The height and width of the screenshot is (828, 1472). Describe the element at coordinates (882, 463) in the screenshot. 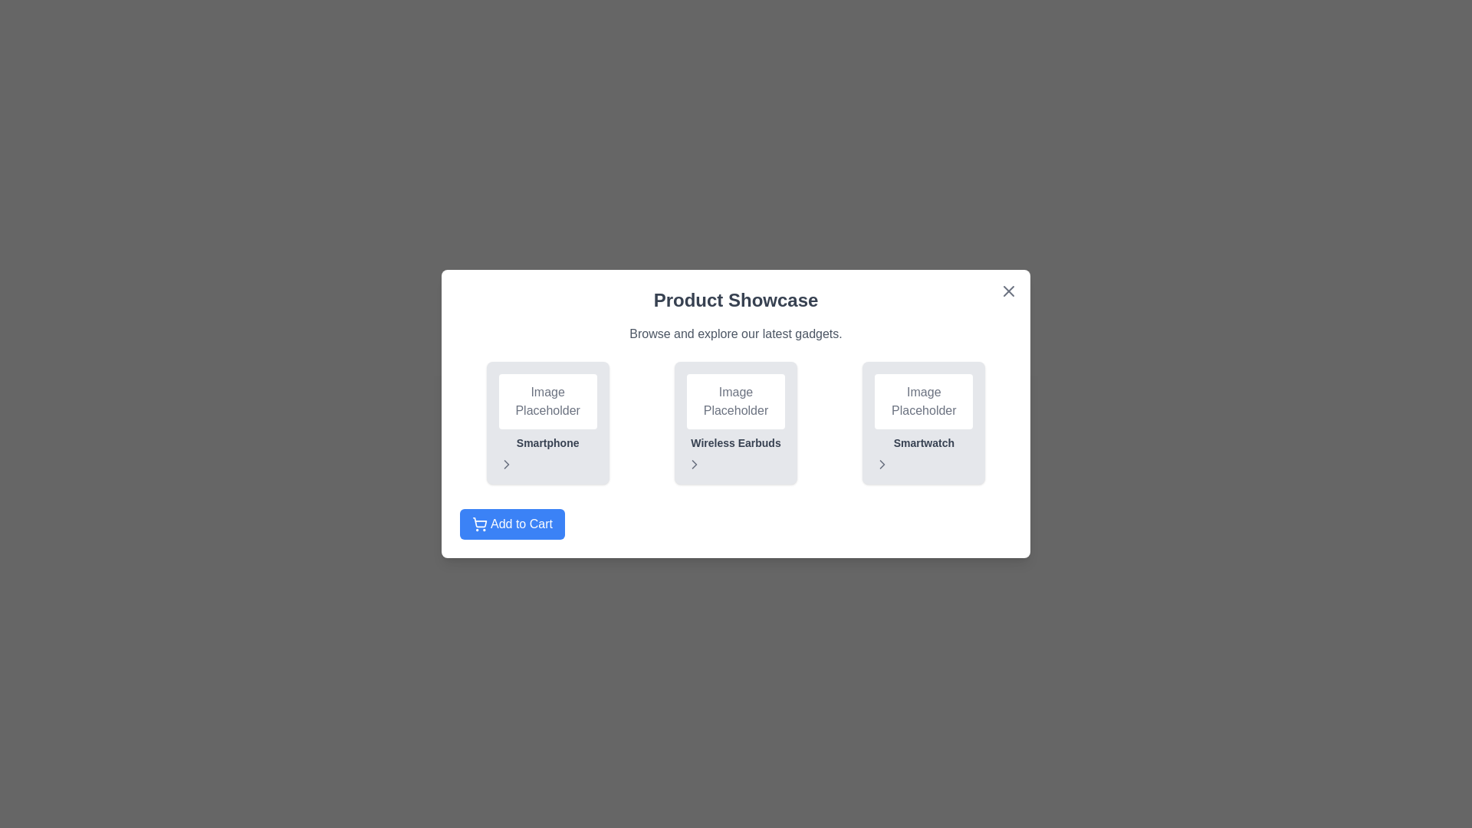

I see `the chevron icon located at the bottom right of the 'Smartwatch' product card` at that location.